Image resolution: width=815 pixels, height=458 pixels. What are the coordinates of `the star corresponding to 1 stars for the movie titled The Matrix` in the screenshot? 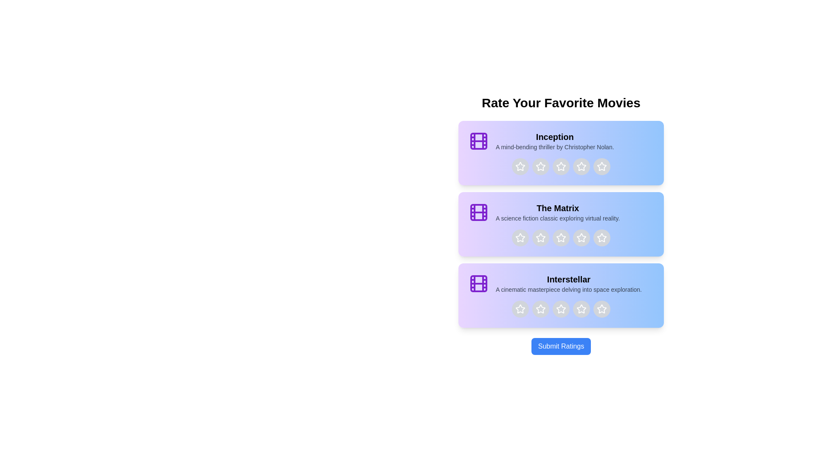 It's located at (520, 237).